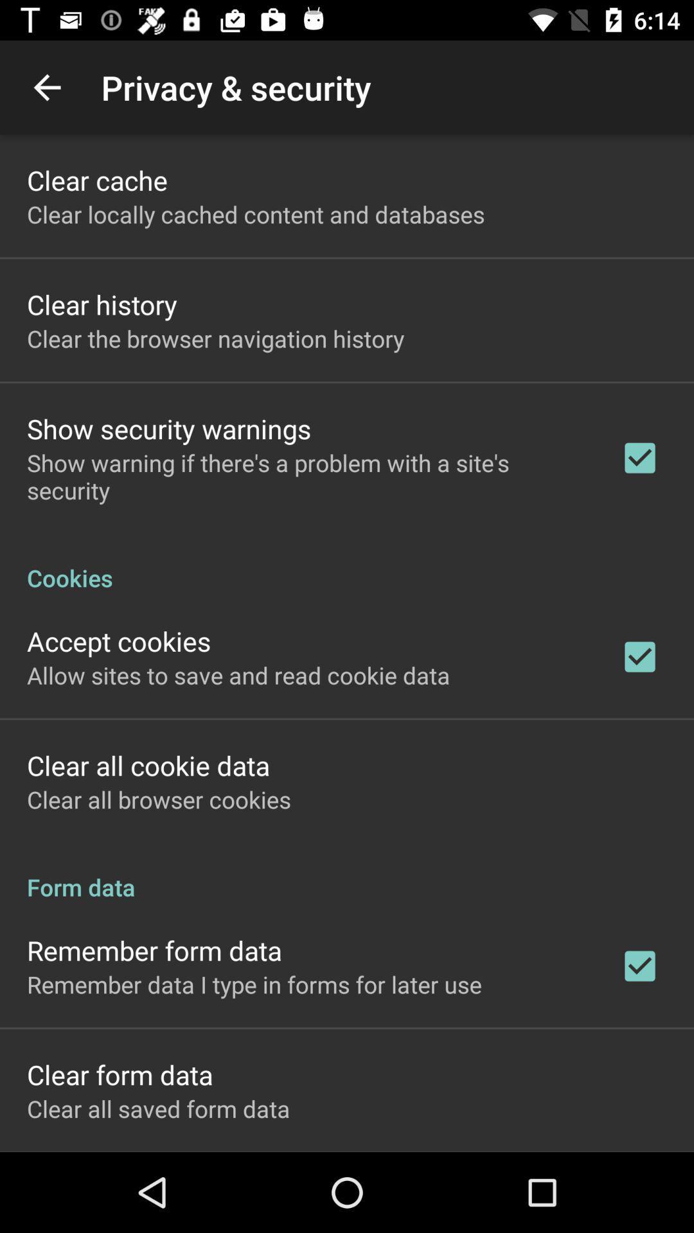 The image size is (694, 1233). Describe the element at coordinates (119, 641) in the screenshot. I see `icon above the allow sites to icon` at that location.